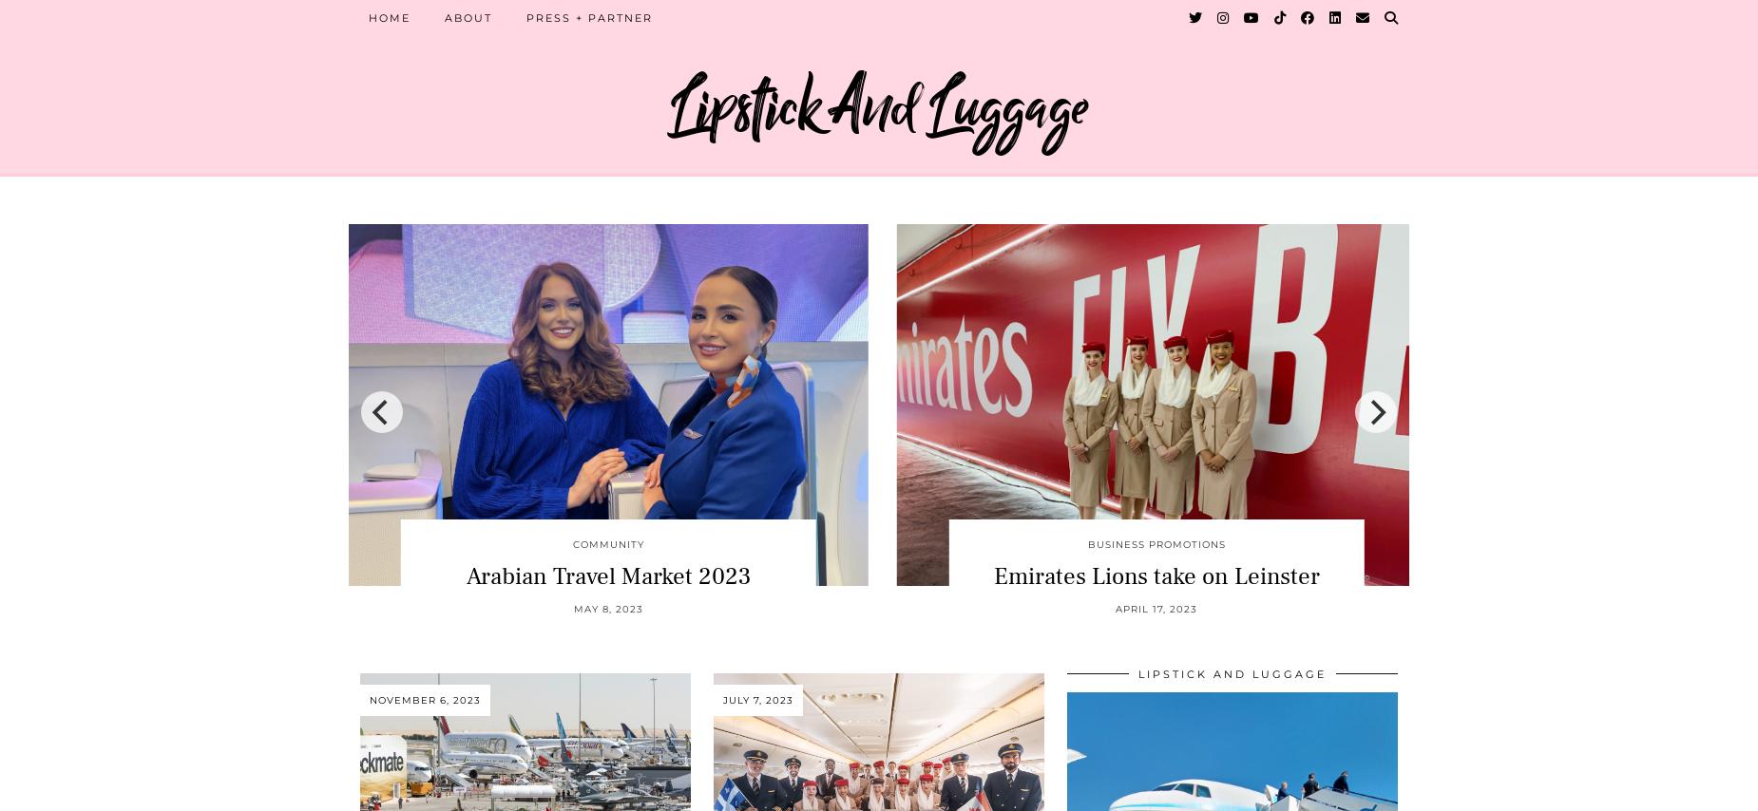  Describe the element at coordinates (466, 575) in the screenshot. I see `'Arabian Travel Market 2023'` at that location.